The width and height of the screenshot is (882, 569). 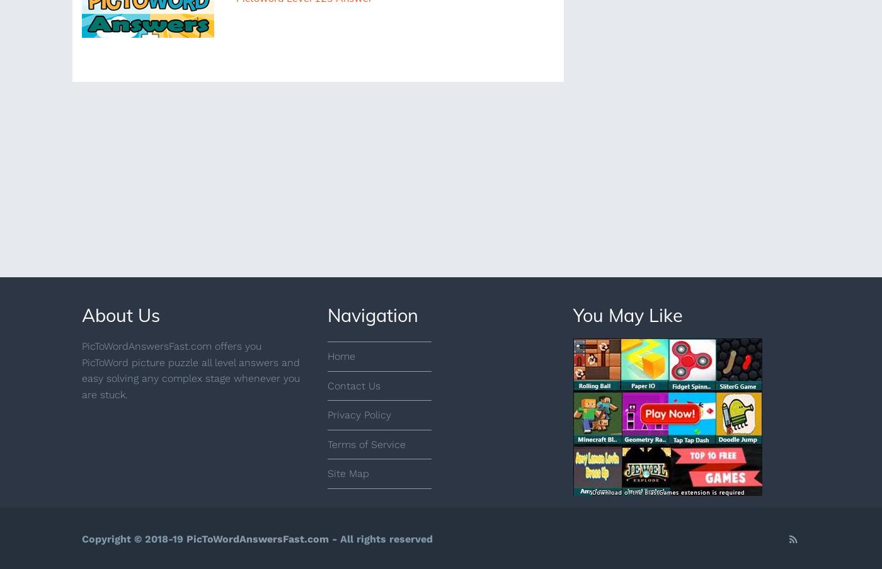 I want to click on 'PicToWordAnswersFast.com offers you PicToWord picture puzzle all level answers and easy solving any complex stage whenever you are stuck.', so click(x=190, y=370).